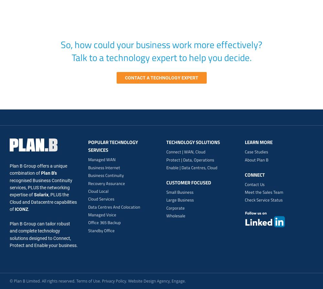 The height and width of the screenshot is (289, 323). I want to click on 'Managed Voice', so click(88, 214).